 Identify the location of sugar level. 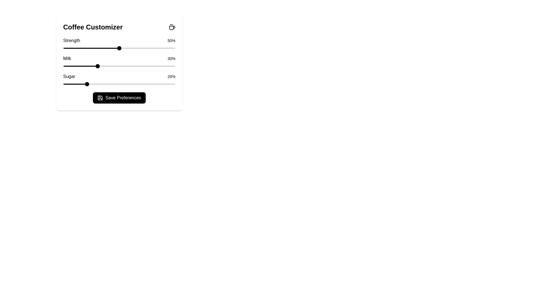
(156, 84).